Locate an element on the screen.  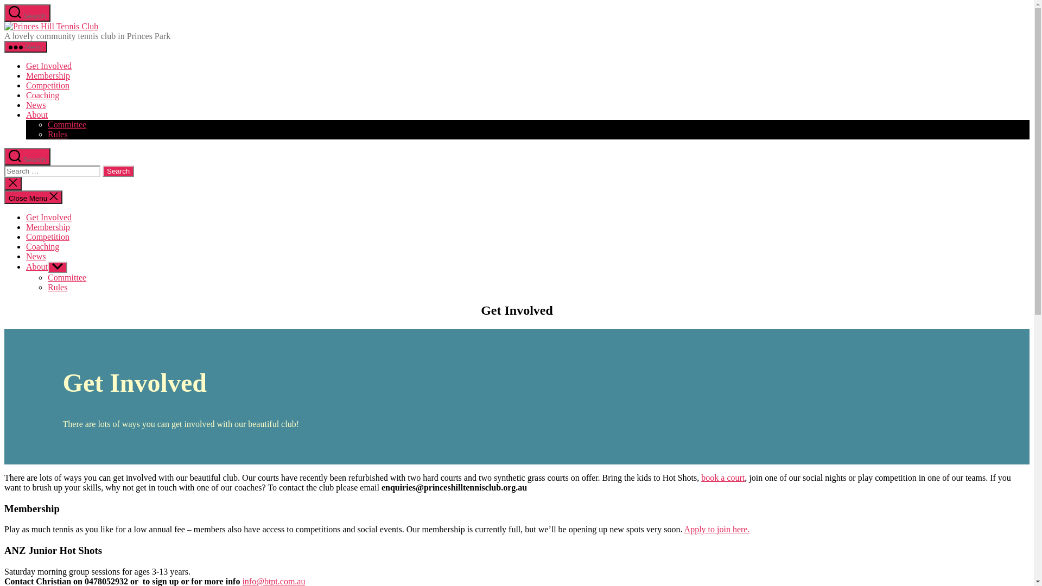
'About' is located at coordinates (36, 266).